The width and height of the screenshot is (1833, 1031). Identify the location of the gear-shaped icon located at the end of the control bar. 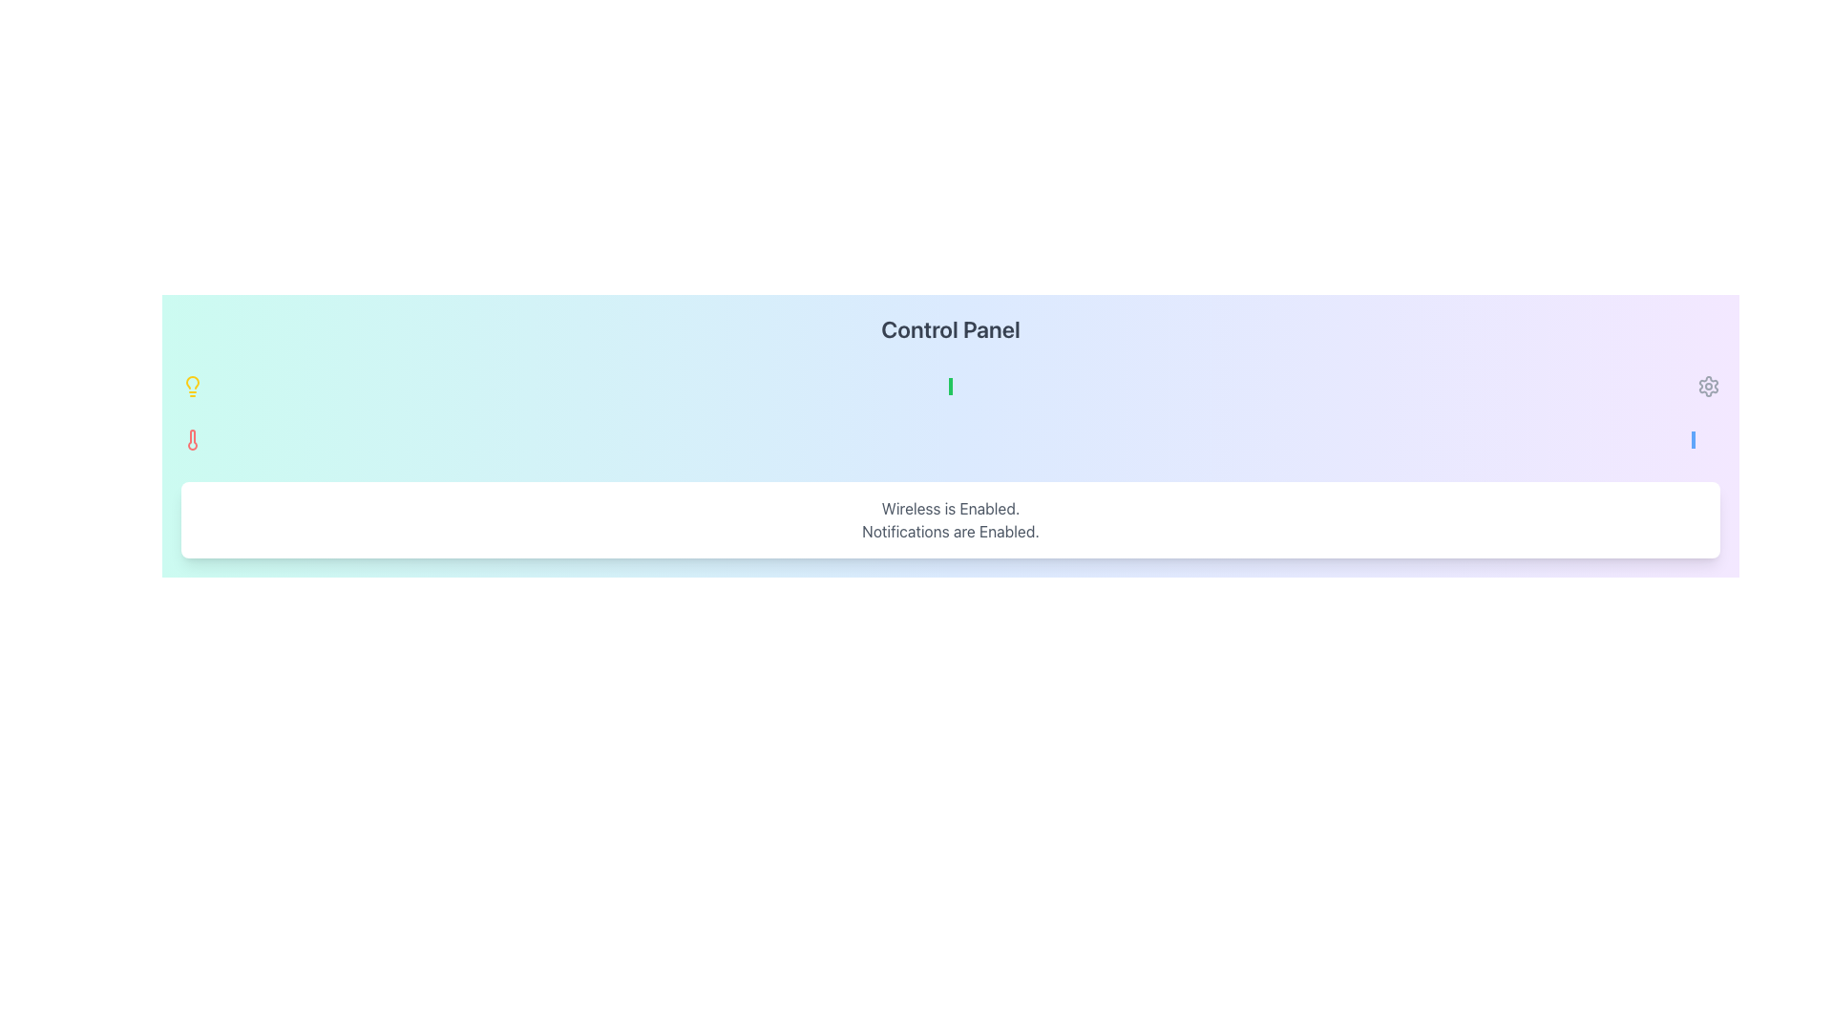
(1709, 387).